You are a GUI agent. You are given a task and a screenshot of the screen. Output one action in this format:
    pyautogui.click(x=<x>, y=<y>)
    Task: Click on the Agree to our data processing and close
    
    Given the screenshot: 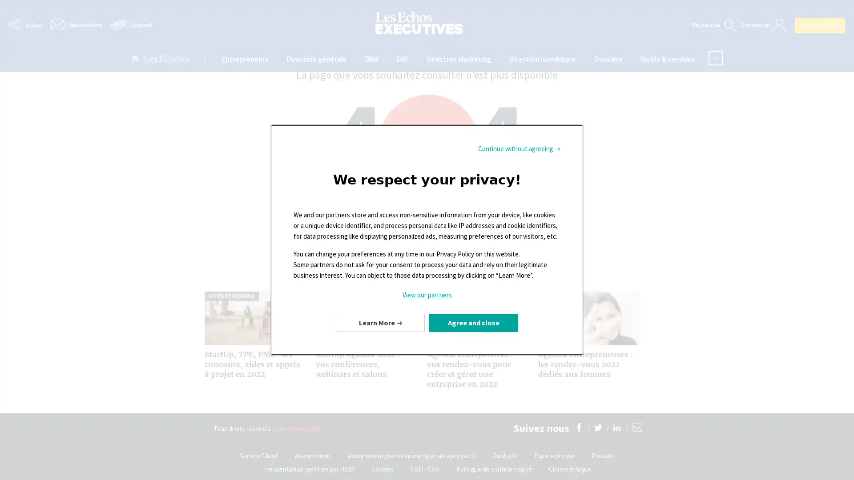 What is the action you would take?
    pyautogui.click(x=473, y=322)
    